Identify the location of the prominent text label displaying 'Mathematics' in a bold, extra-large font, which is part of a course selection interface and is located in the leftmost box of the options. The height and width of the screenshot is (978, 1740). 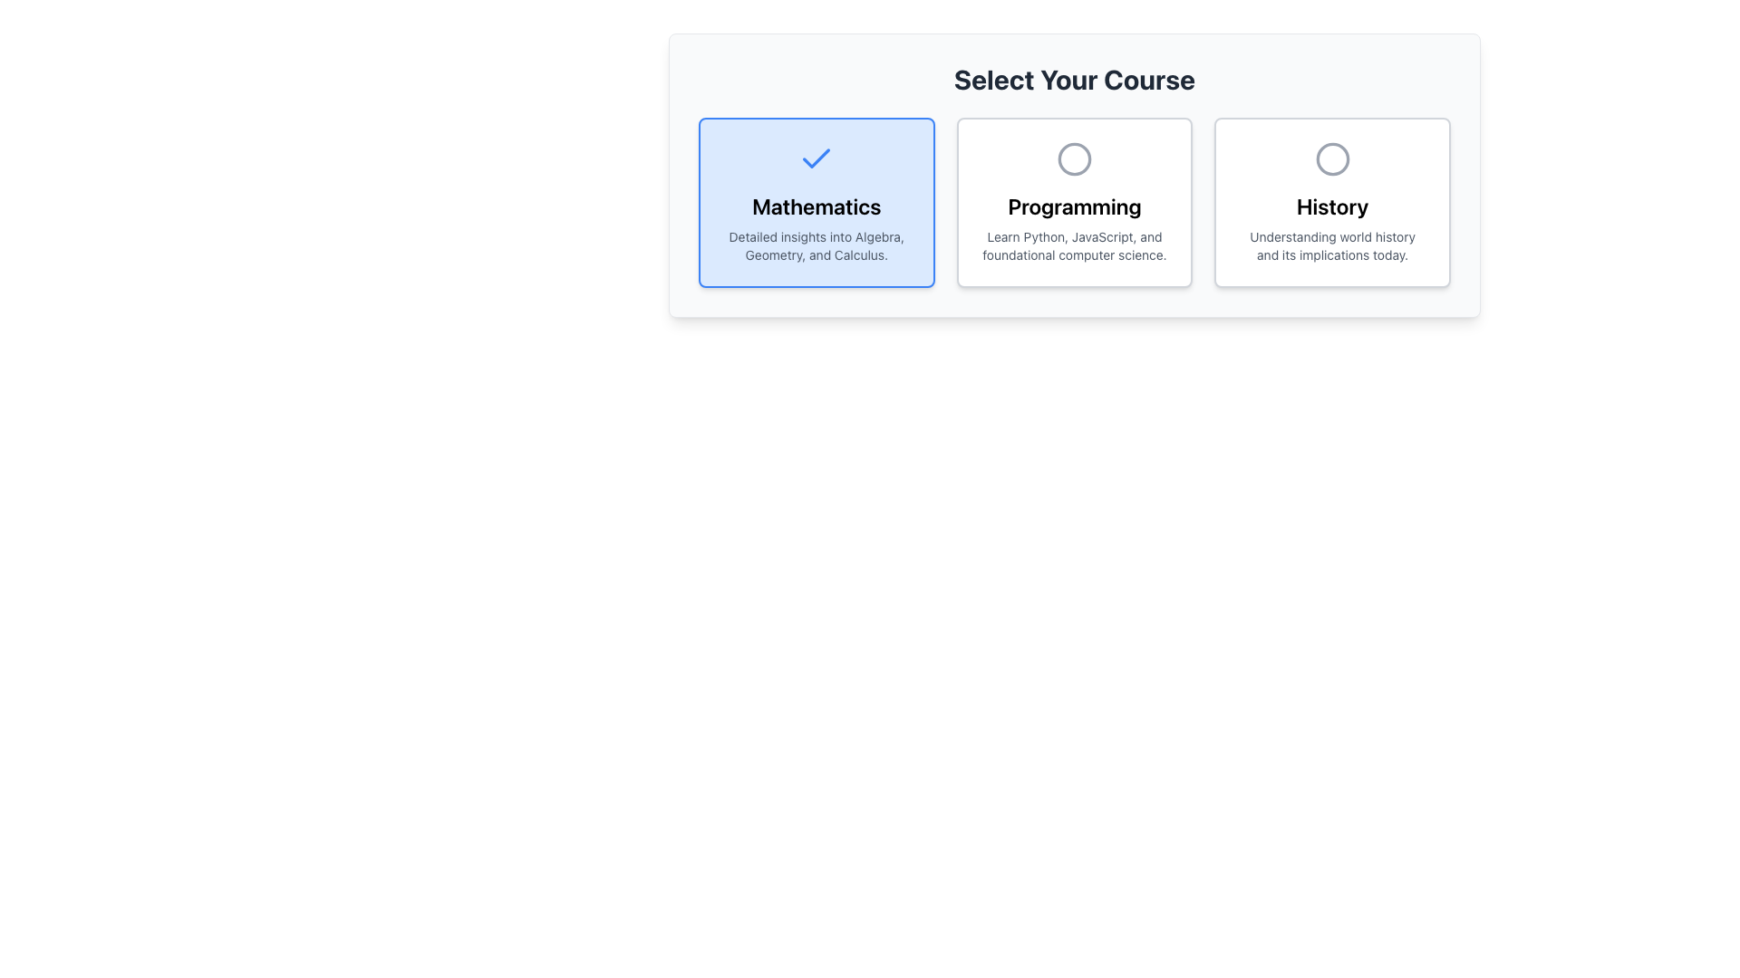
(816, 205).